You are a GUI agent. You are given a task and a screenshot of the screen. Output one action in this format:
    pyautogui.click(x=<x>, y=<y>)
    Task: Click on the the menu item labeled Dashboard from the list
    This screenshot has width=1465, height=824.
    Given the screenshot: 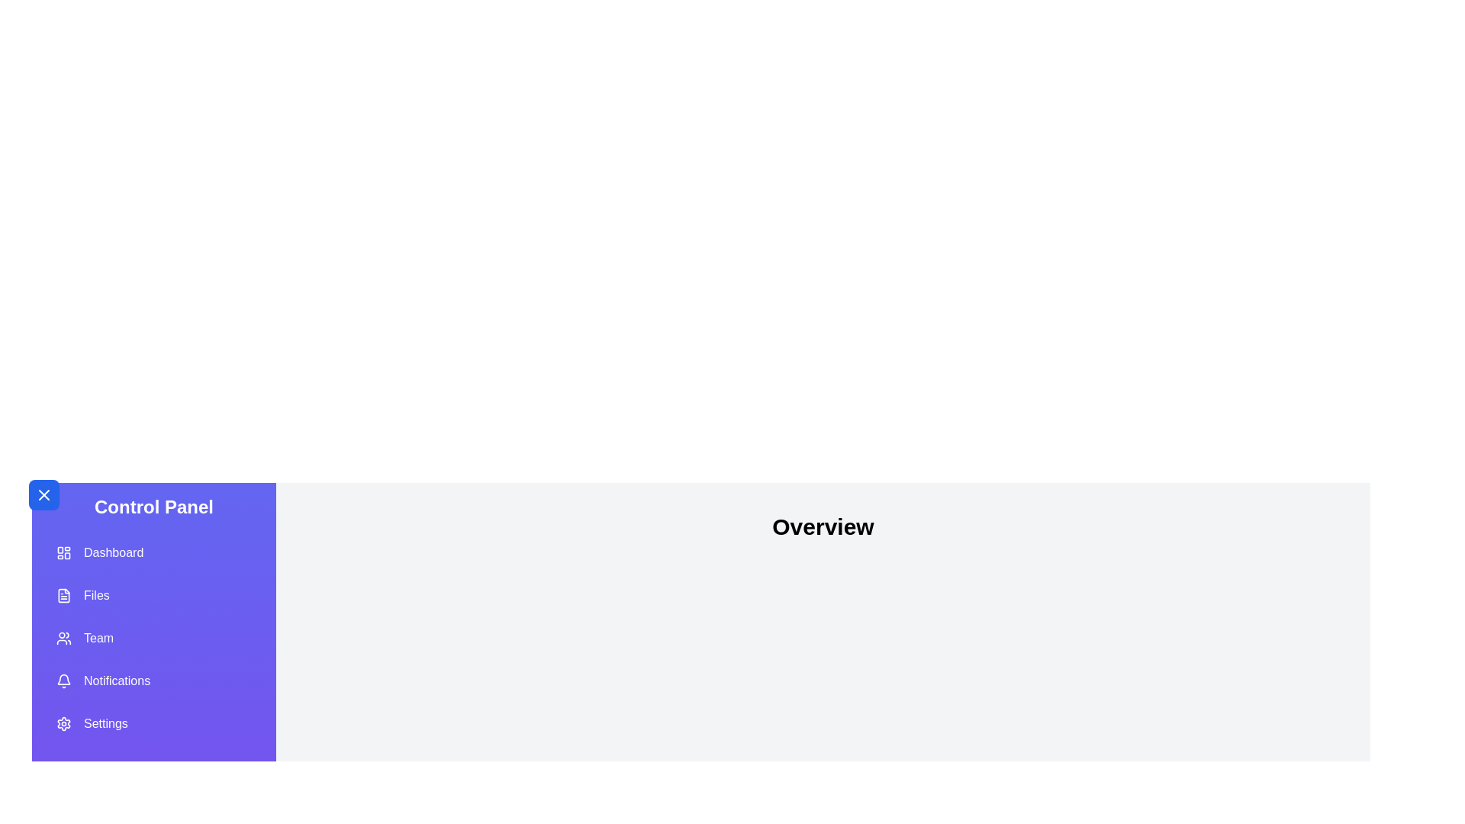 What is the action you would take?
    pyautogui.click(x=153, y=553)
    